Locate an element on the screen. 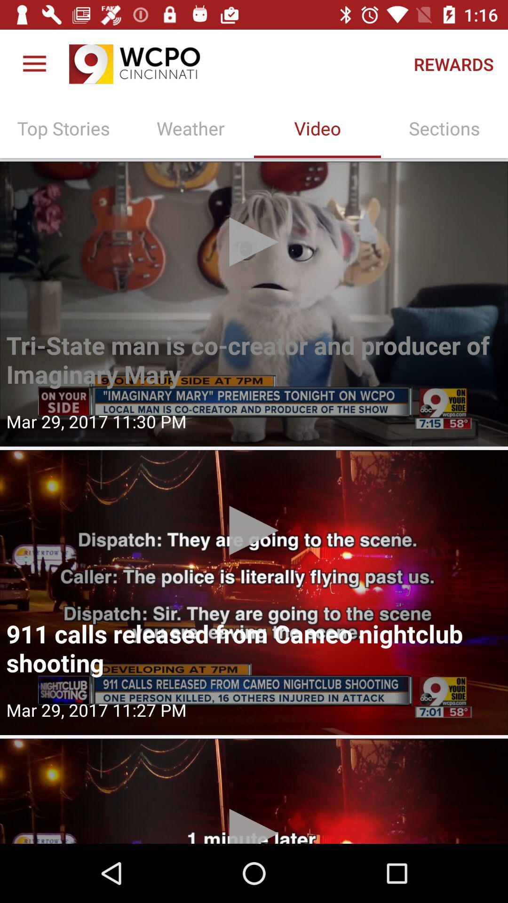 The height and width of the screenshot is (903, 508). the rewards icon is located at coordinates (453, 63).